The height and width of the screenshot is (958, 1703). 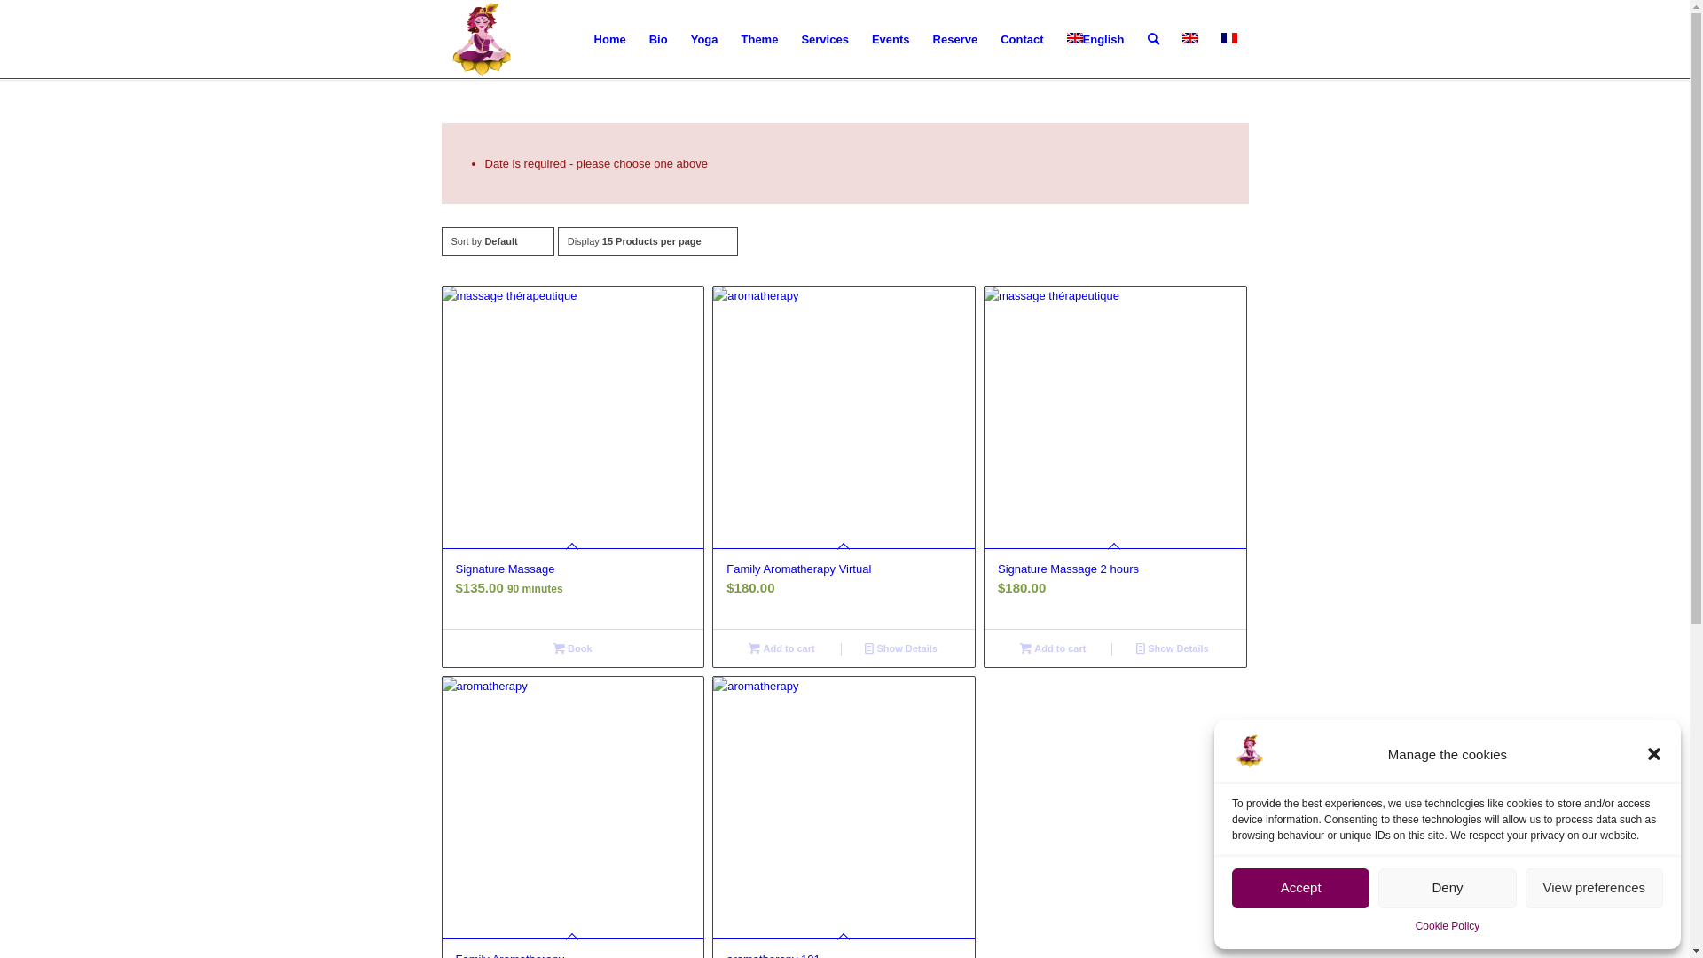 I want to click on 'Reserve', so click(x=954, y=40).